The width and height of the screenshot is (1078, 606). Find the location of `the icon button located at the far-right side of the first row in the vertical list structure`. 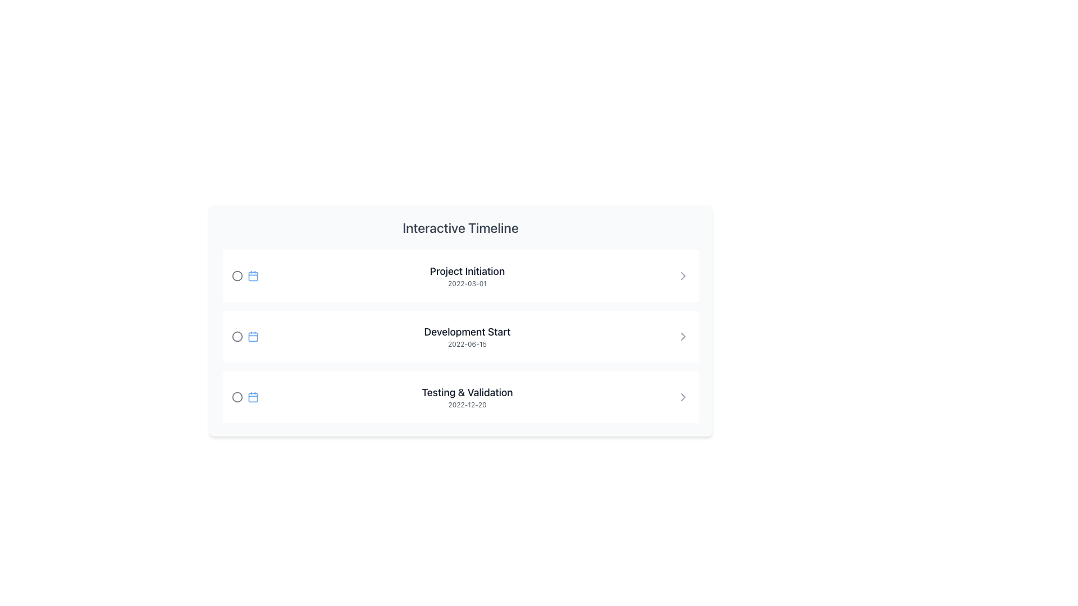

the icon button located at the far-right side of the first row in the vertical list structure is located at coordinates (682, 276).